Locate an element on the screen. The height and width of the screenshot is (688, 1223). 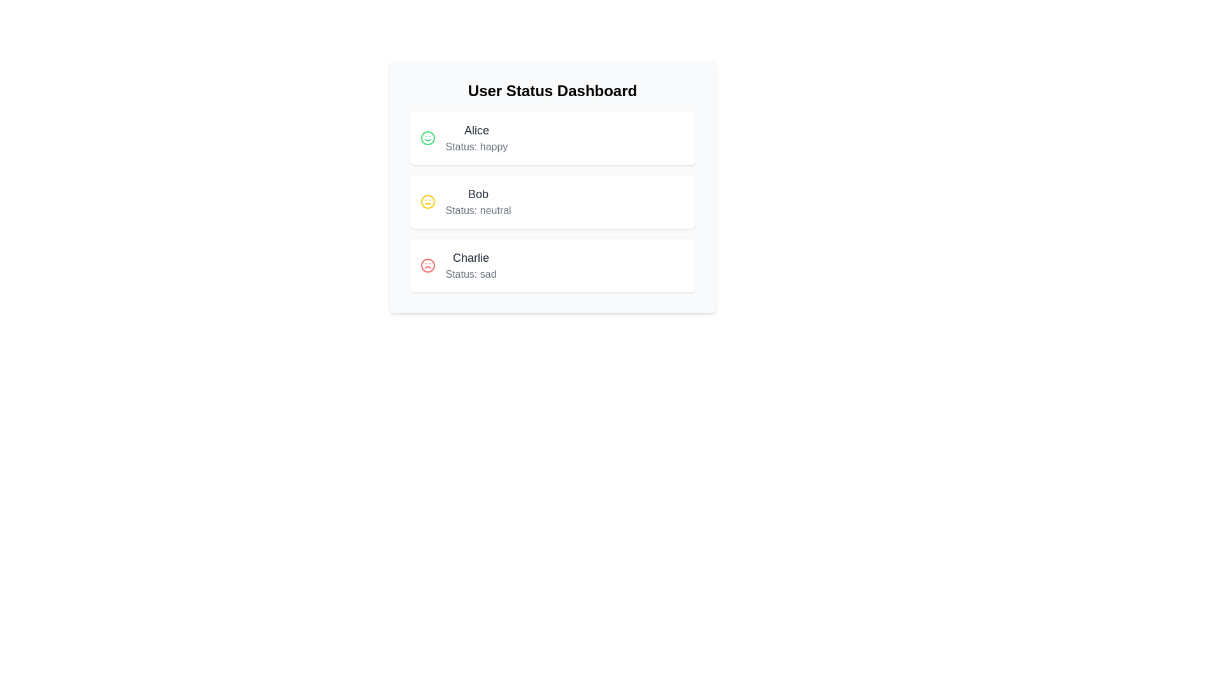
text label that displays 'Status: sad', which is located below the name label 'Charlie' in the third user status card is located at coordinates (470, 274).